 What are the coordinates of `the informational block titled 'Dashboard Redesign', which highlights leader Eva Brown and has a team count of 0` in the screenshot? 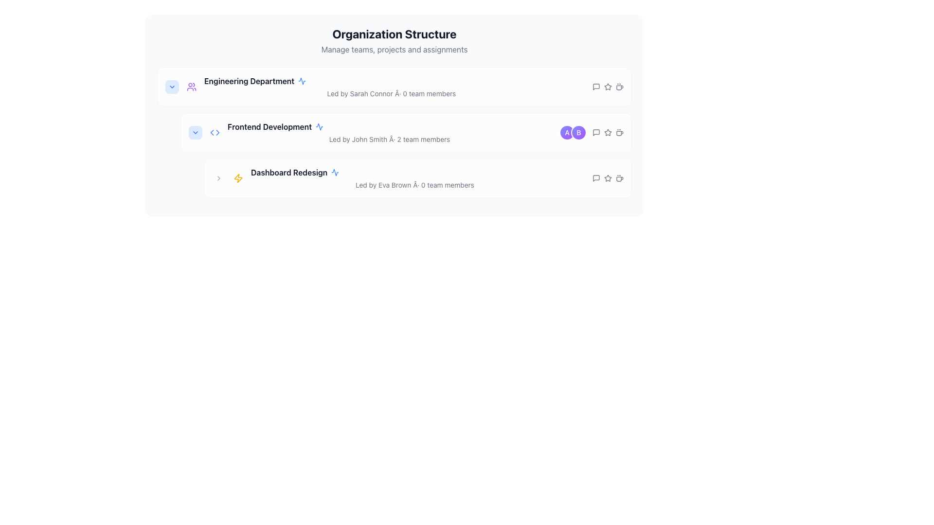 It's located at (418, 178).